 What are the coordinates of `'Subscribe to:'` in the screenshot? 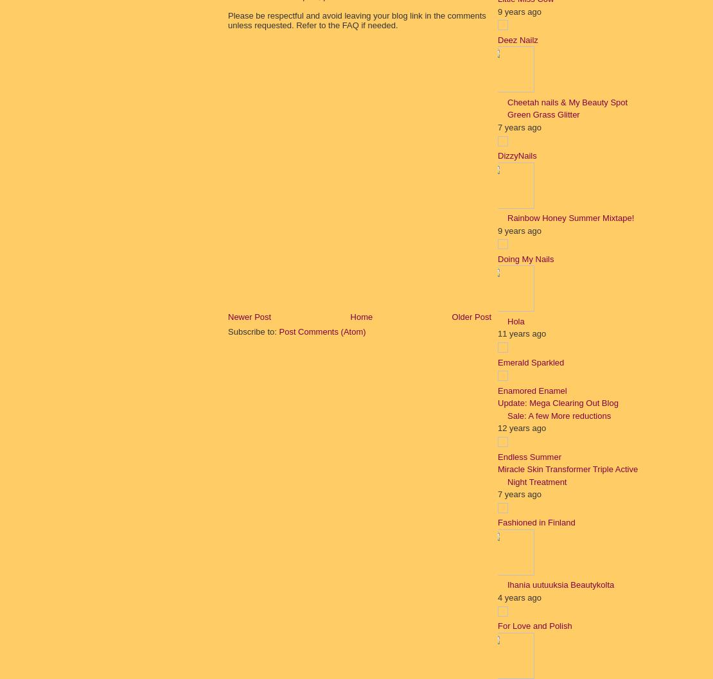 It's located at (252, 331).